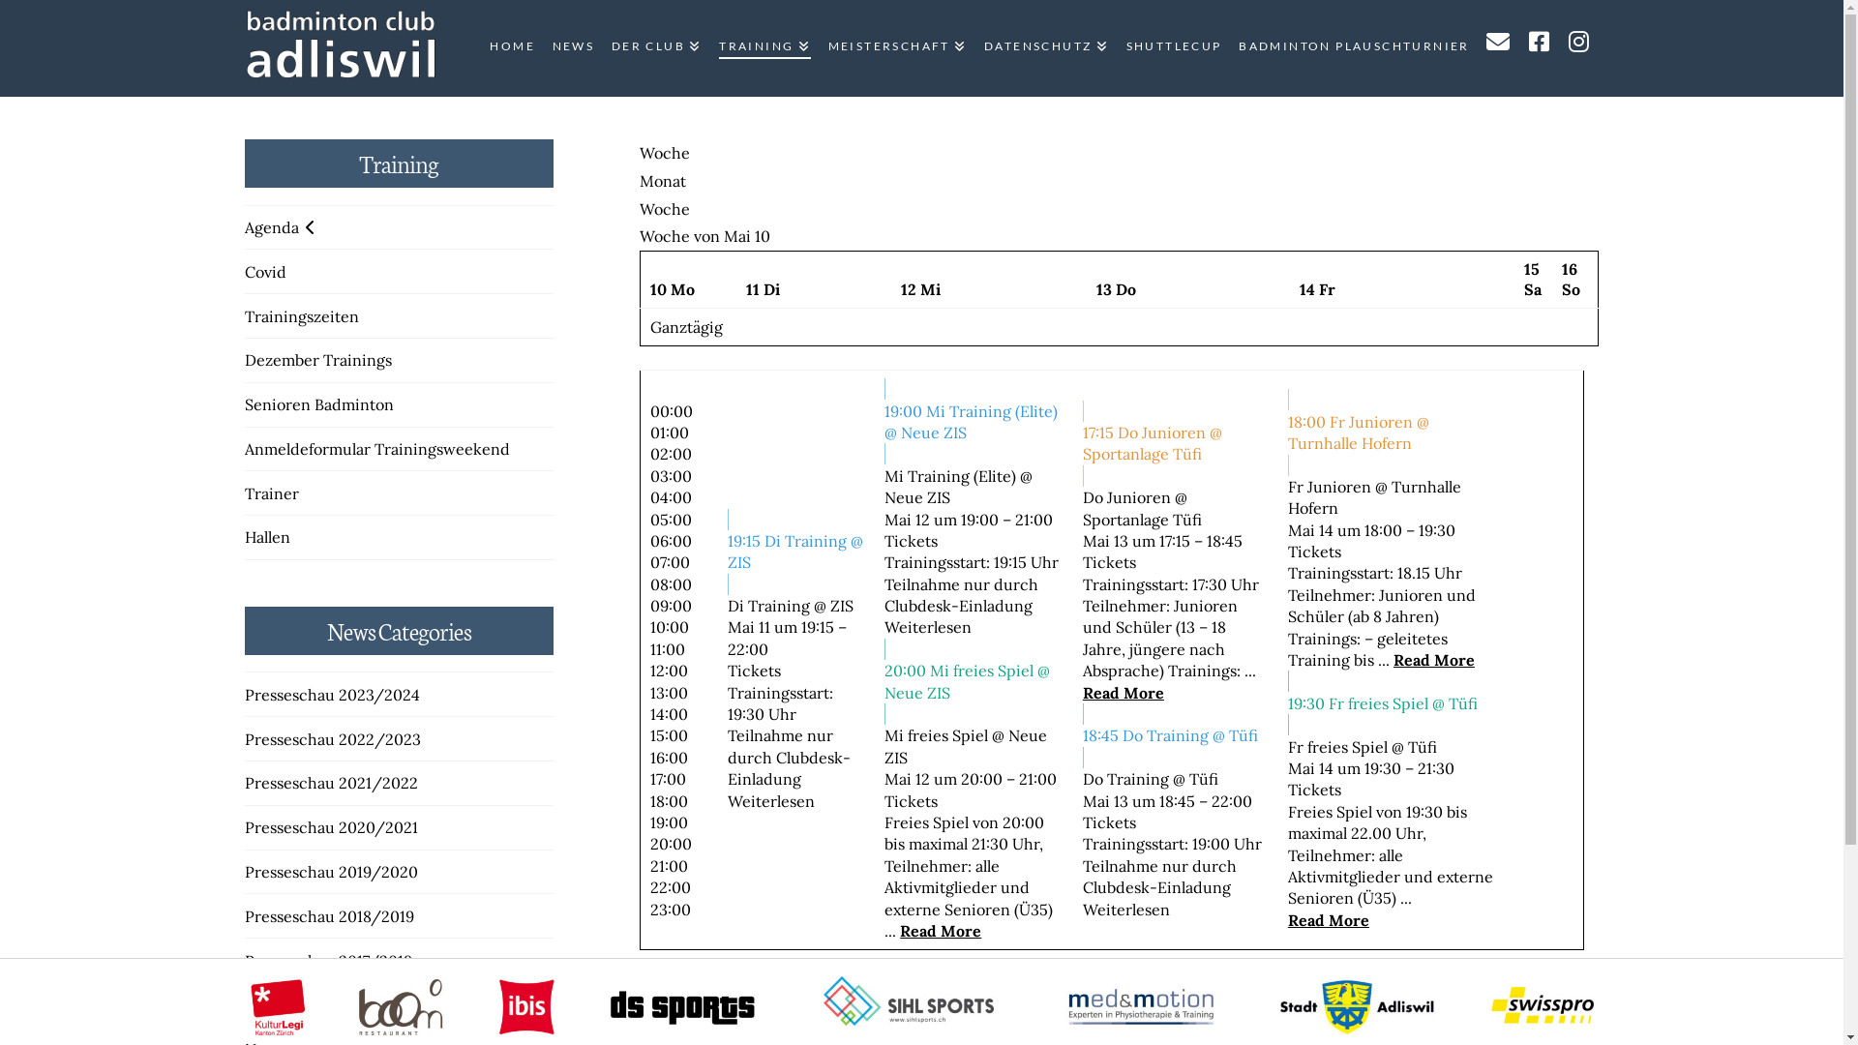 The image size is (1858, 1045). I want to click on 'DATENSCHUTZ', so click(1044, 47).